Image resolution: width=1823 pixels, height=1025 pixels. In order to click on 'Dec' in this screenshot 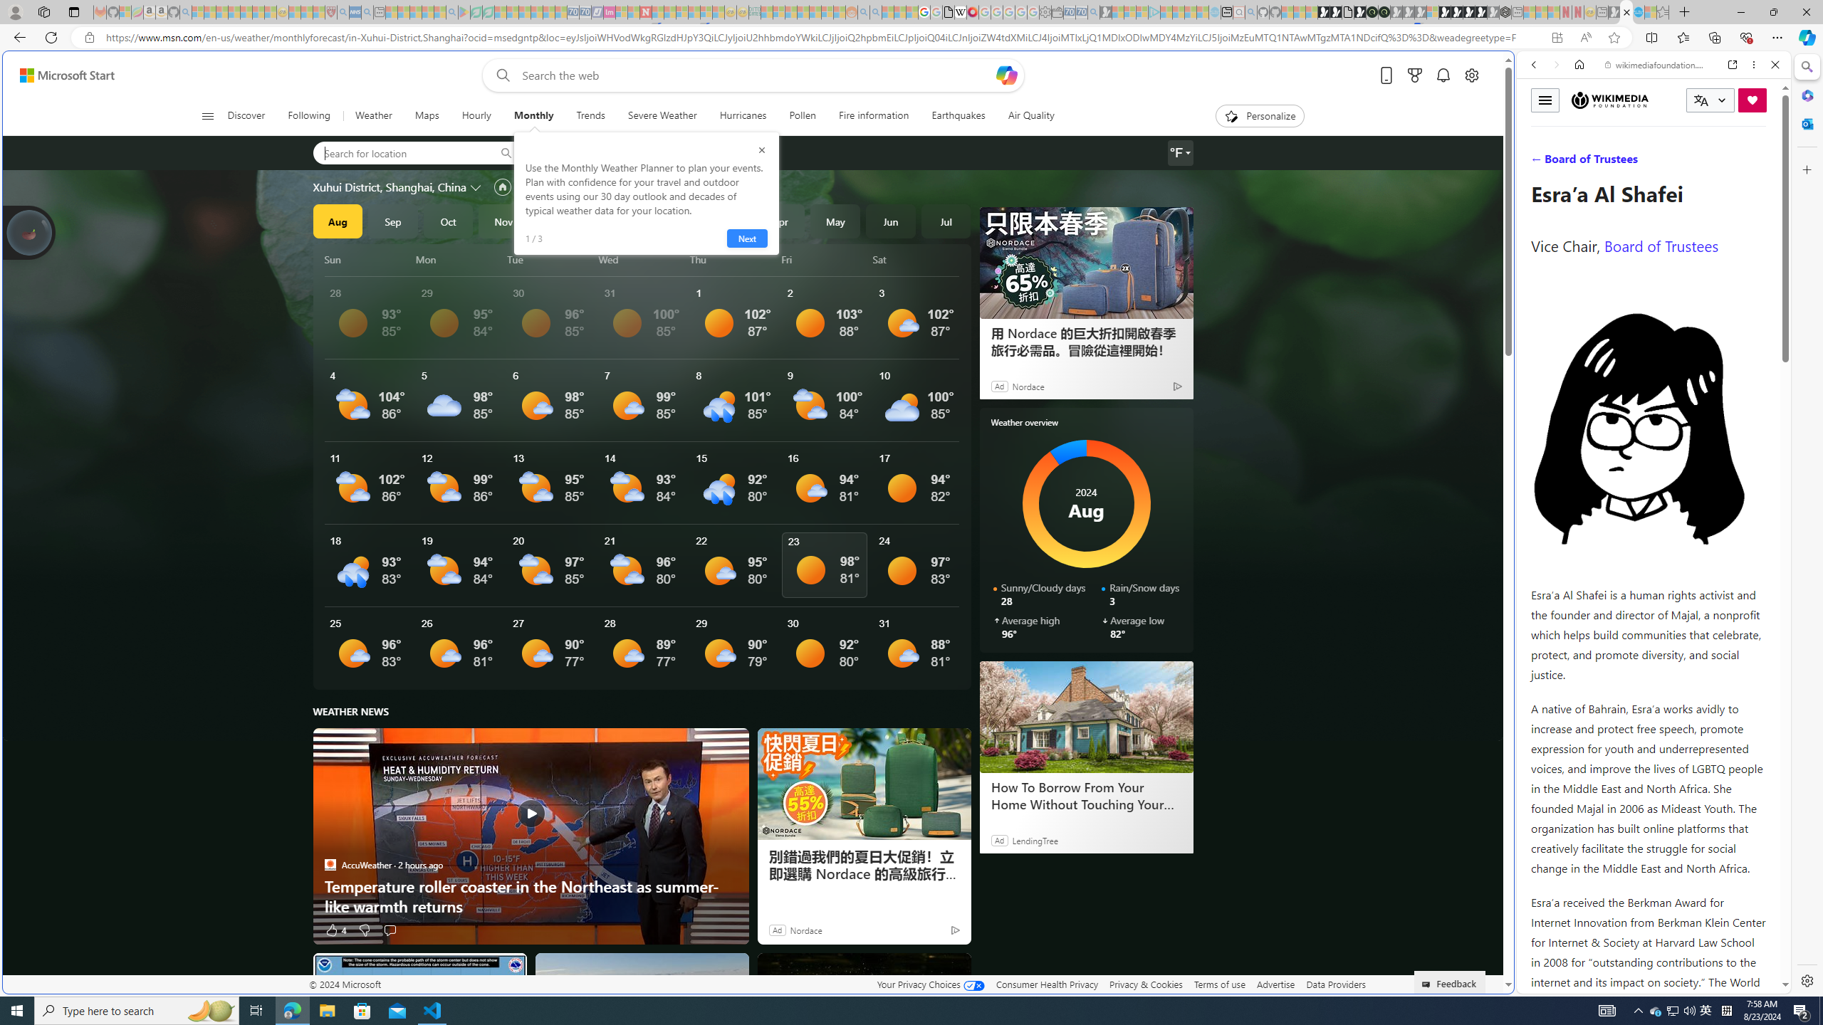, I will do `click(558, 221)`.